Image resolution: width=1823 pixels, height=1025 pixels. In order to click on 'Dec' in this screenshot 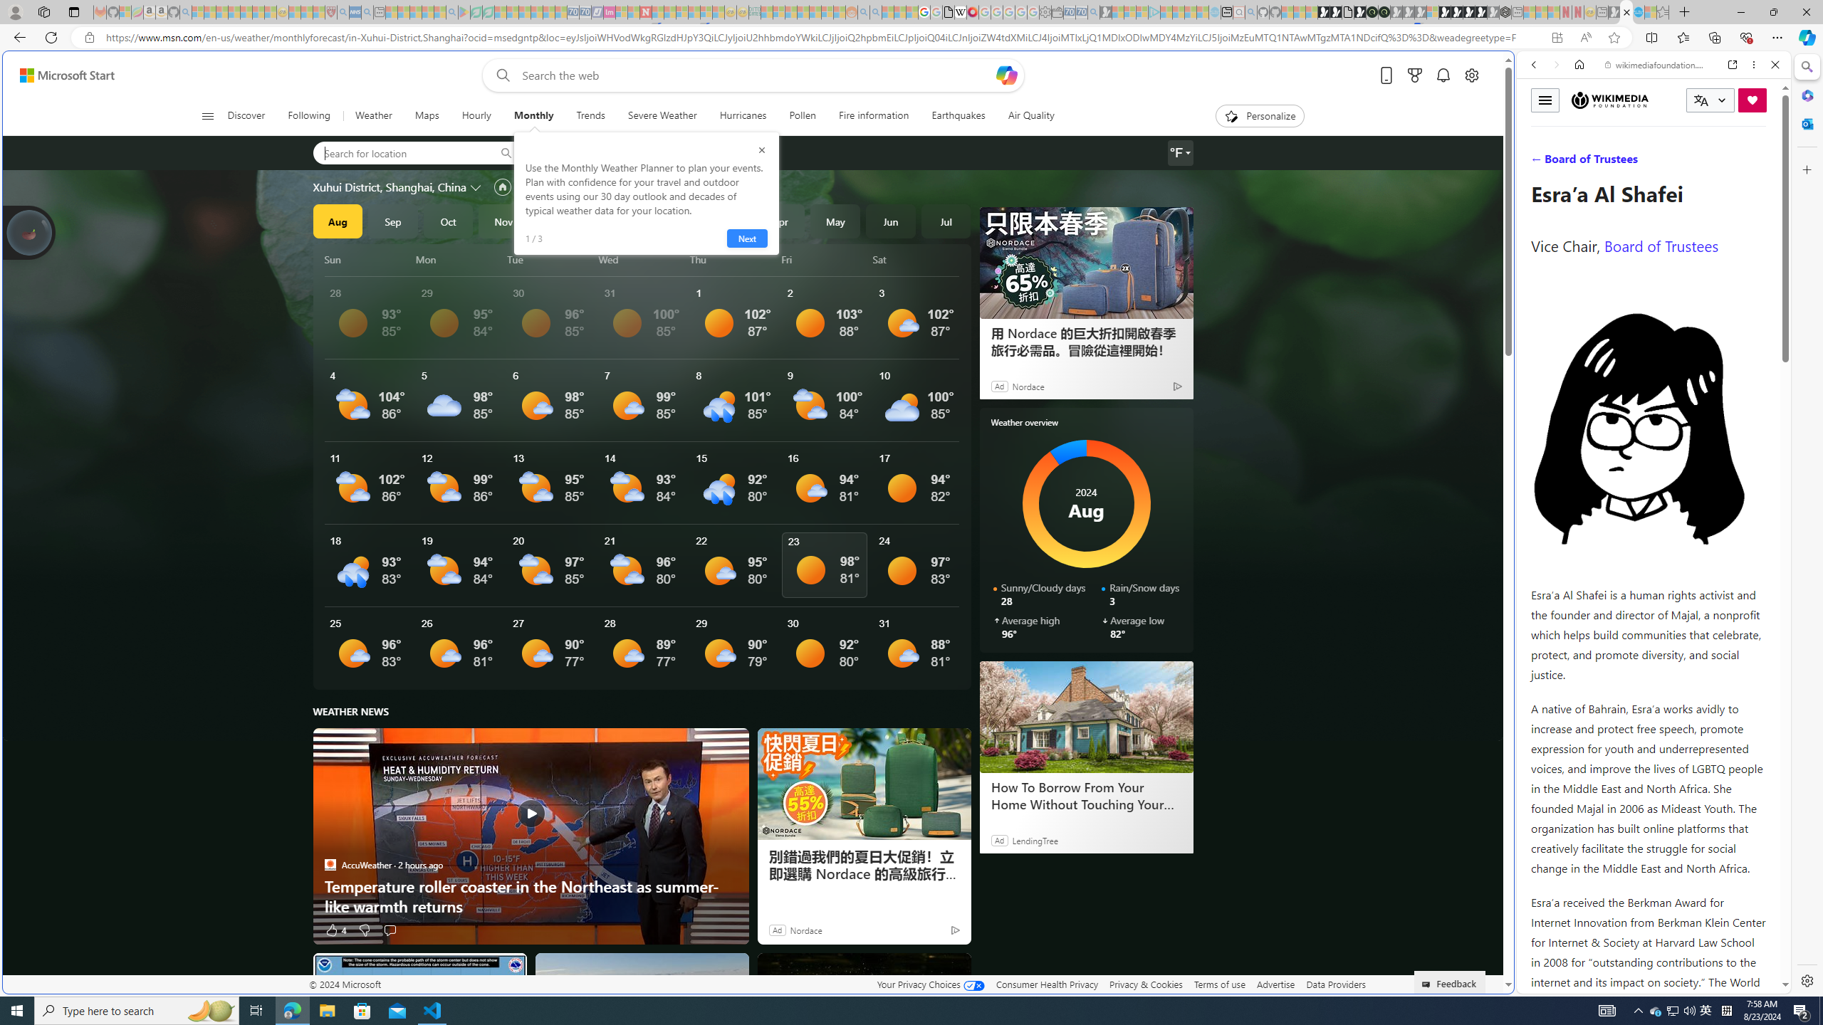, I will do `click(558, 221)`.